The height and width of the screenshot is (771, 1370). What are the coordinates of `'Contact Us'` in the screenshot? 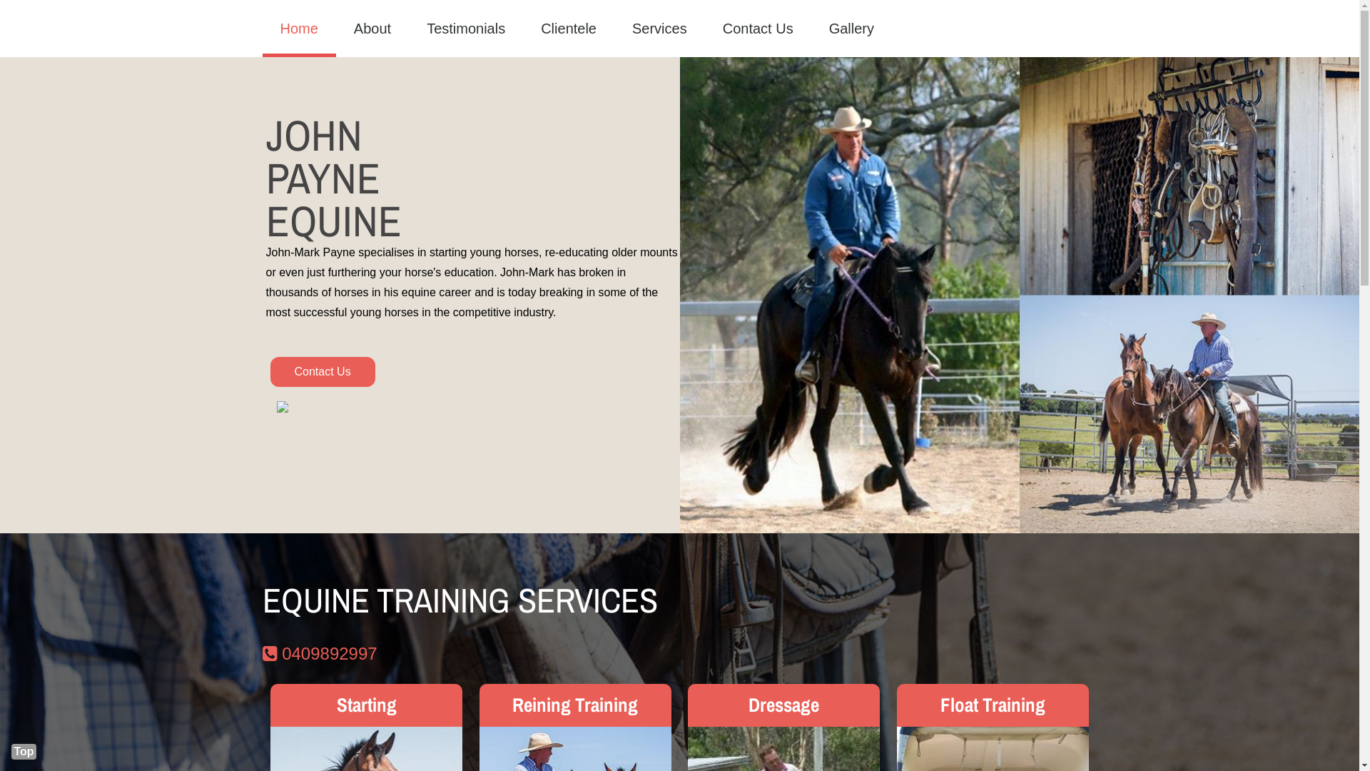 It's located at (757, 28).